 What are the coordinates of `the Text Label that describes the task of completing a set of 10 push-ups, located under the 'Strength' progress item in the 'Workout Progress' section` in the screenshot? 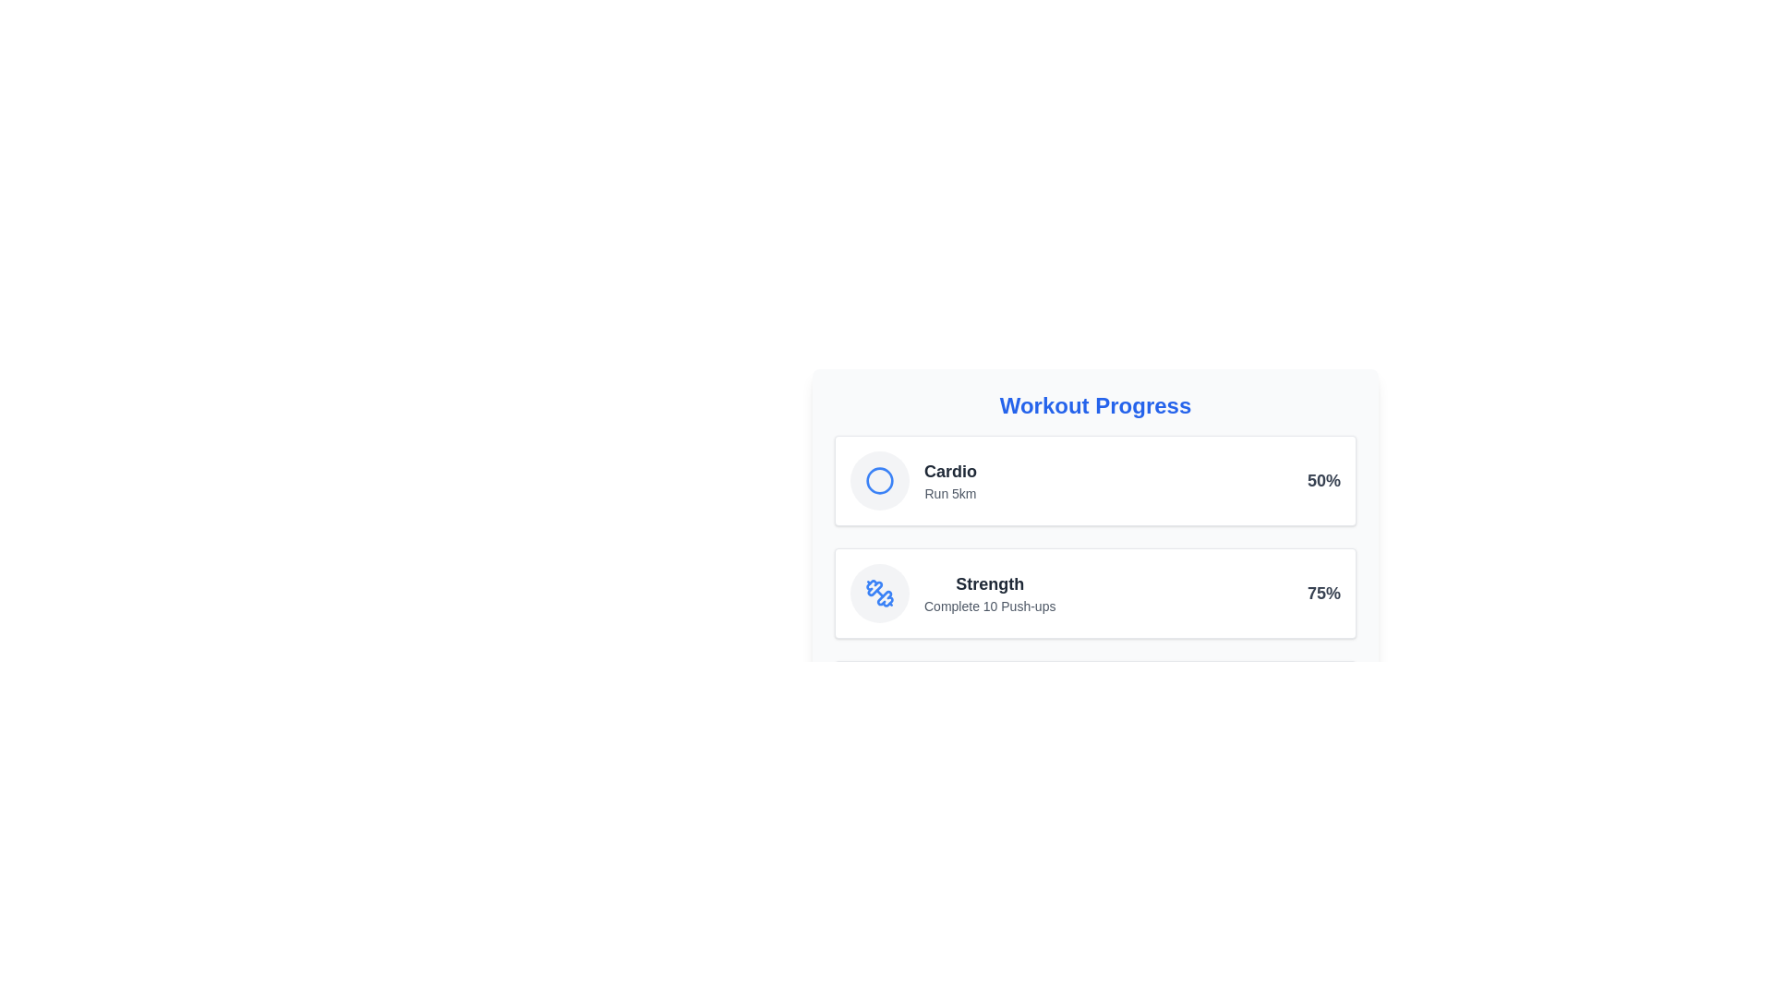 It's located at (989, 606).